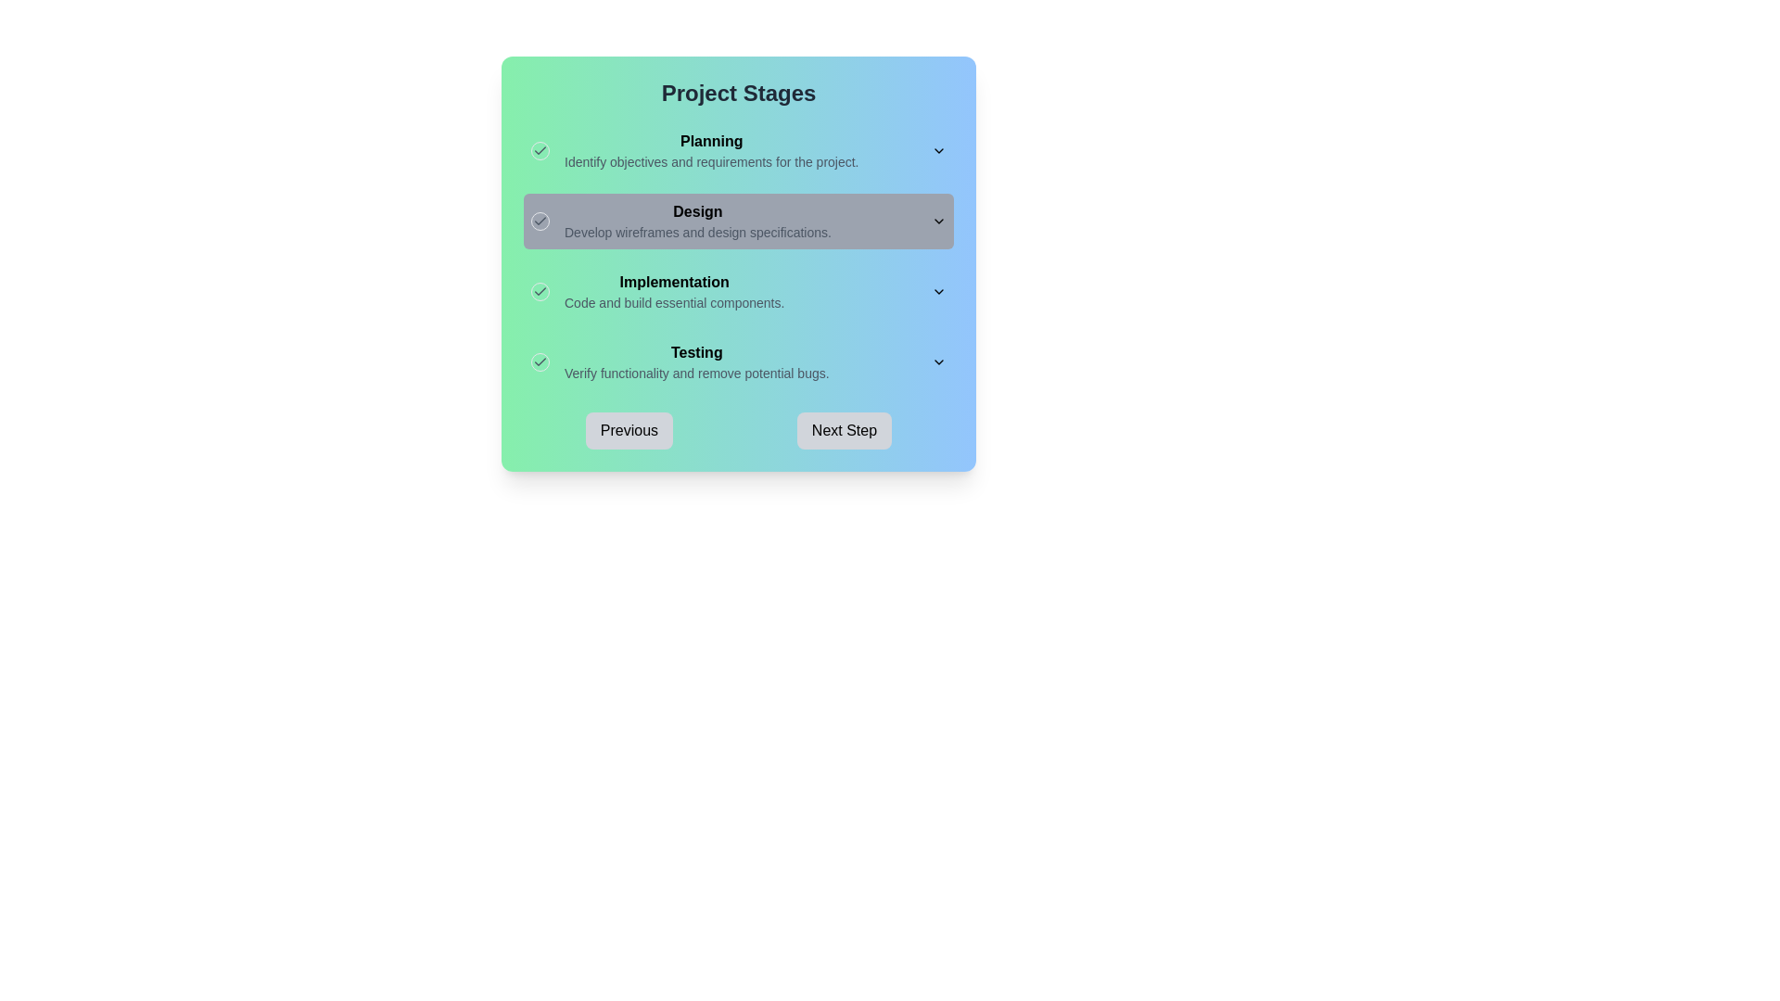 This screenshot has width=1780, height=1001. I want to click on the tick mark icon within the SVG graphic that signifies the completion of the 'Design' step, so click(539, 221).